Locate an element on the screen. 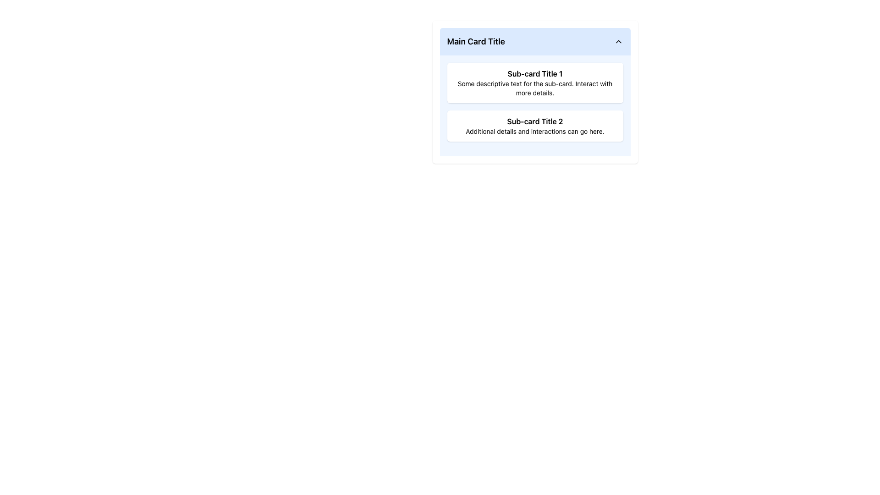 The image size is (880, 495). the static text content located immediately below 'Sub-card Title 1' in the first sub-card of the 'Main Card Title' is located at coordinates (535, 88).